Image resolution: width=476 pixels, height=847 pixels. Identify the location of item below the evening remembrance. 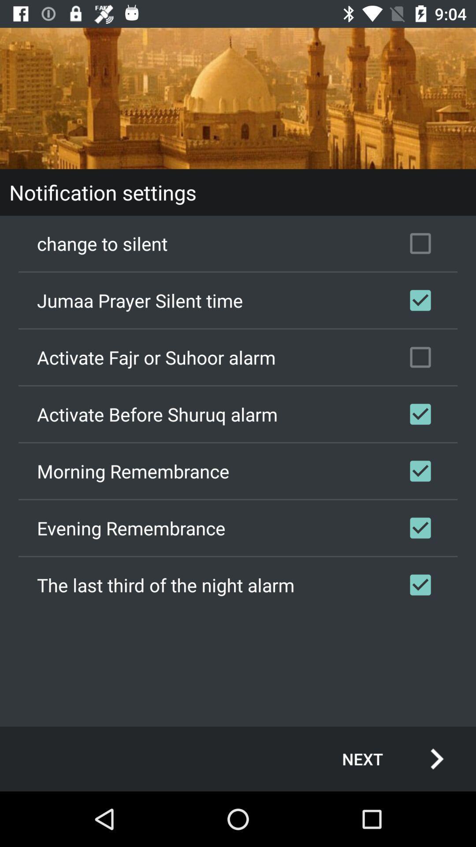
(238, 585).